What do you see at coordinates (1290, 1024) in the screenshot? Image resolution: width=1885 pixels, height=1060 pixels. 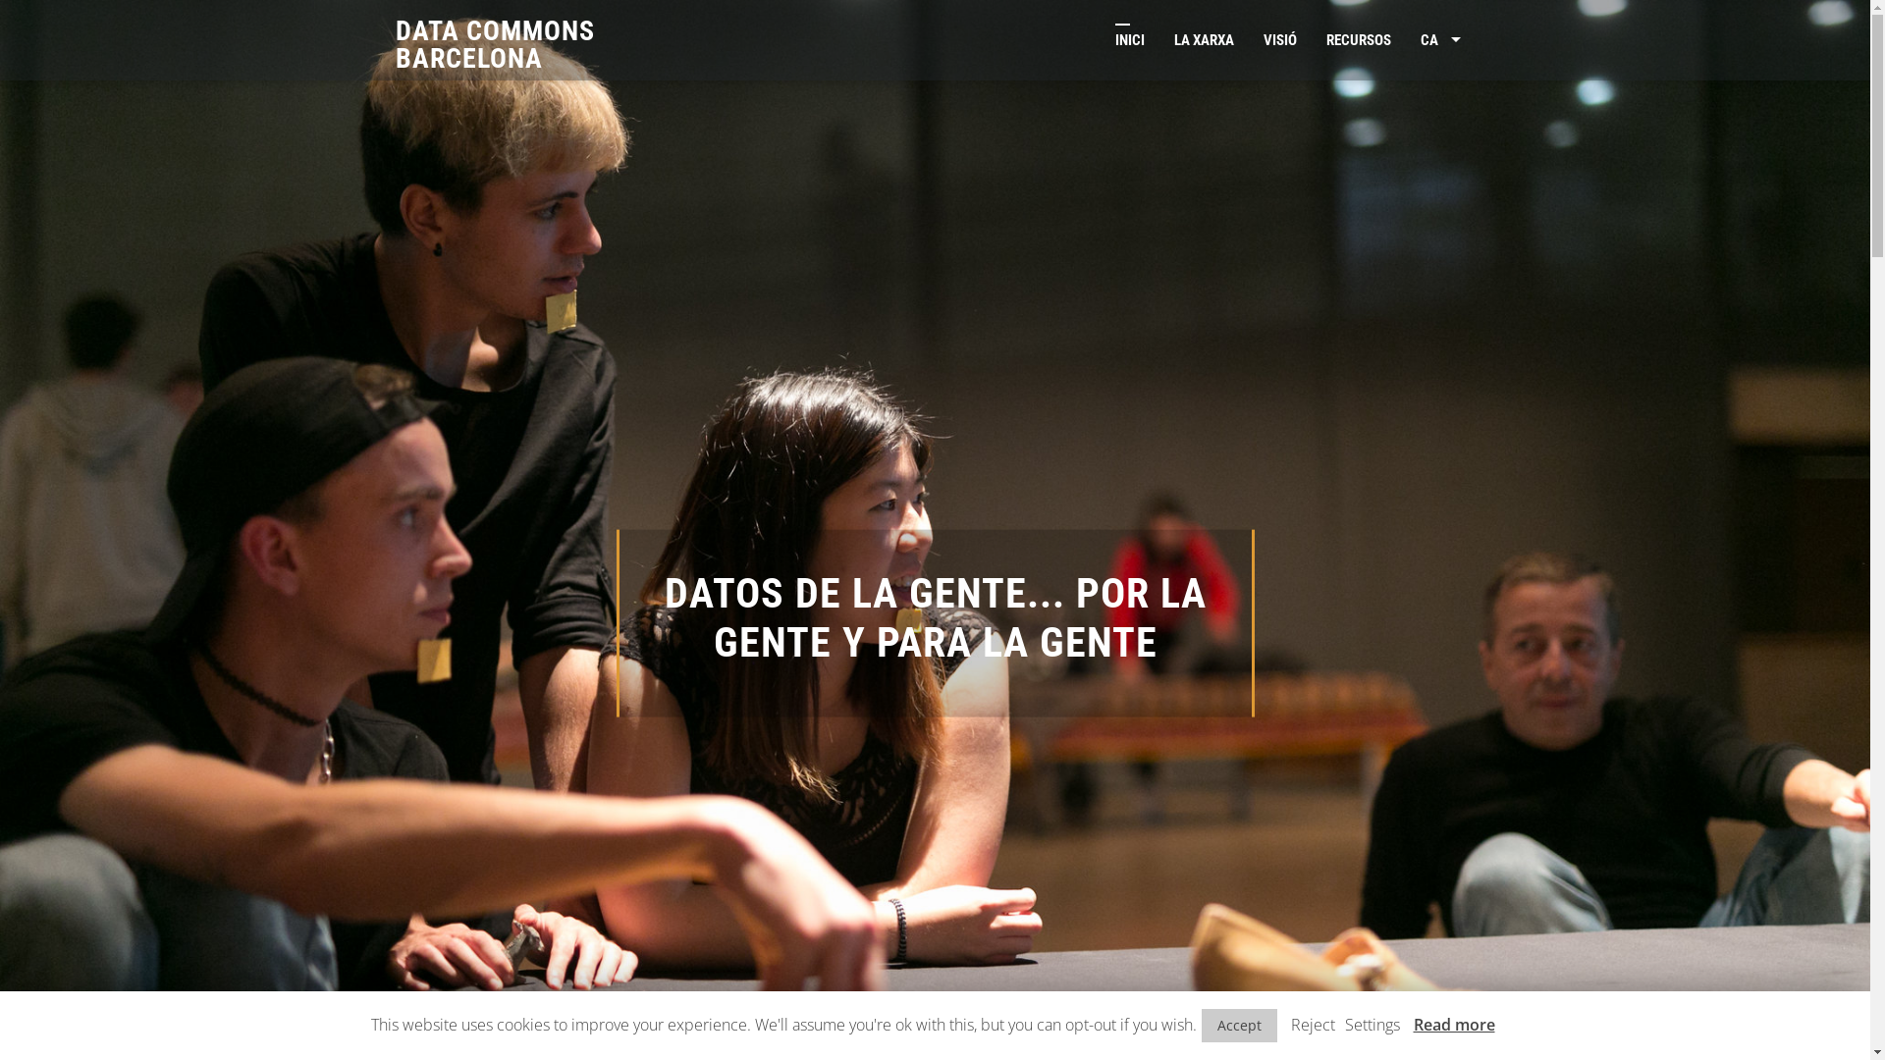 I see `'Reject'` at bounding box center [1290, 1024].